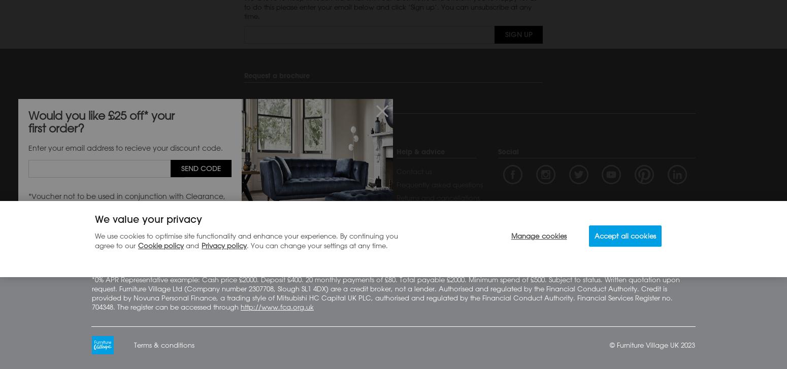  I want to click on 'Brands directory', so click(219, 184).